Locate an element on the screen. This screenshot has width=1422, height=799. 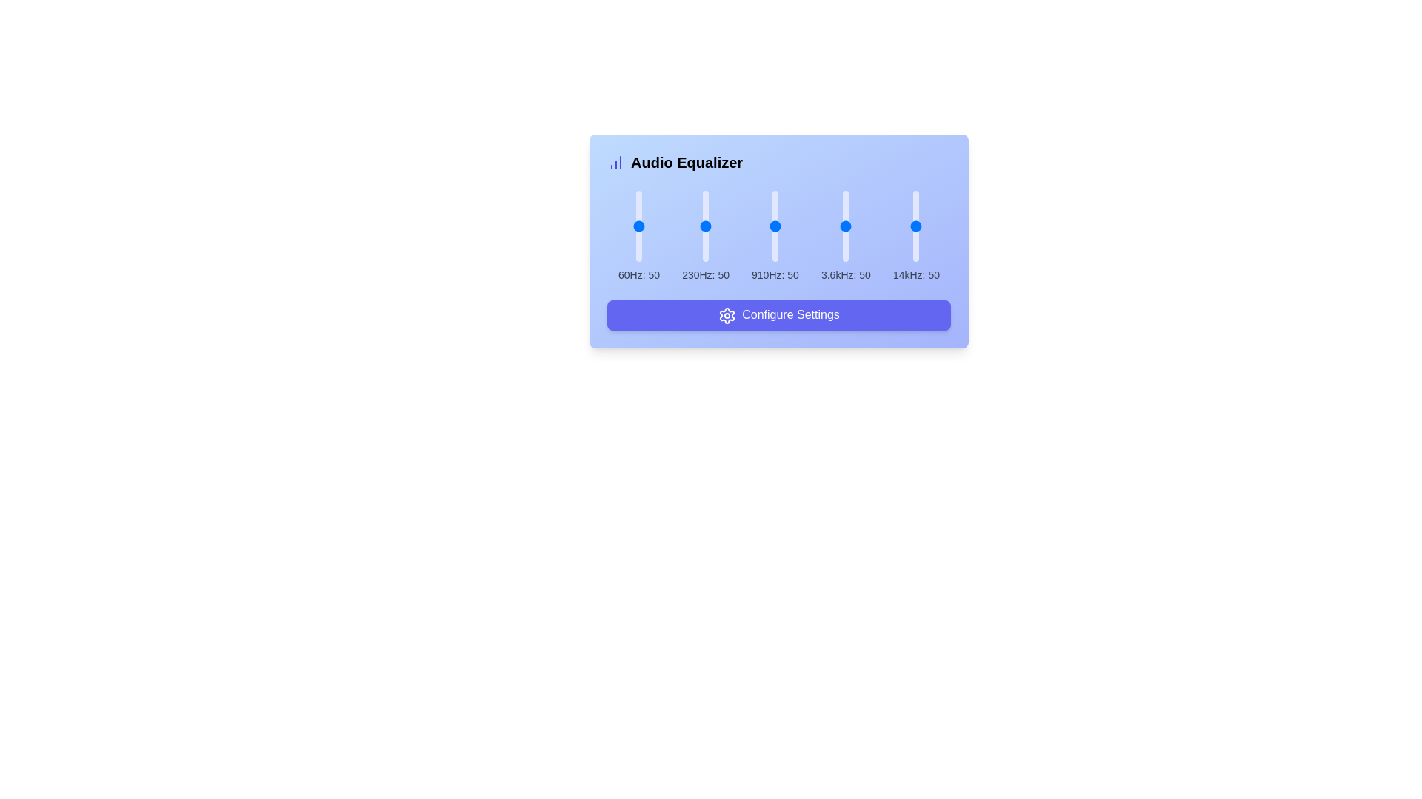
the 230Hz band value is located at coordinates (705, 250).